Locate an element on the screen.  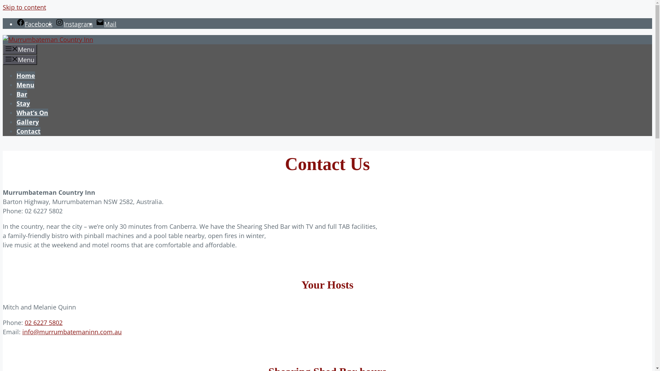
'info@murrumbatemaninn.com.au' is located at coordinates (22, 331).